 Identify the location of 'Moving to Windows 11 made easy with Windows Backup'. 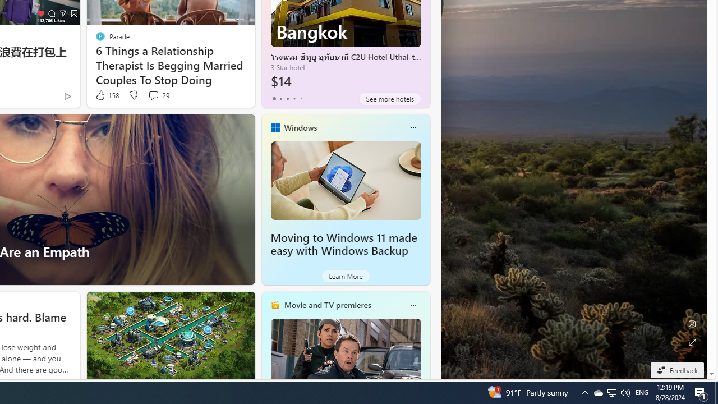
(345, 180).